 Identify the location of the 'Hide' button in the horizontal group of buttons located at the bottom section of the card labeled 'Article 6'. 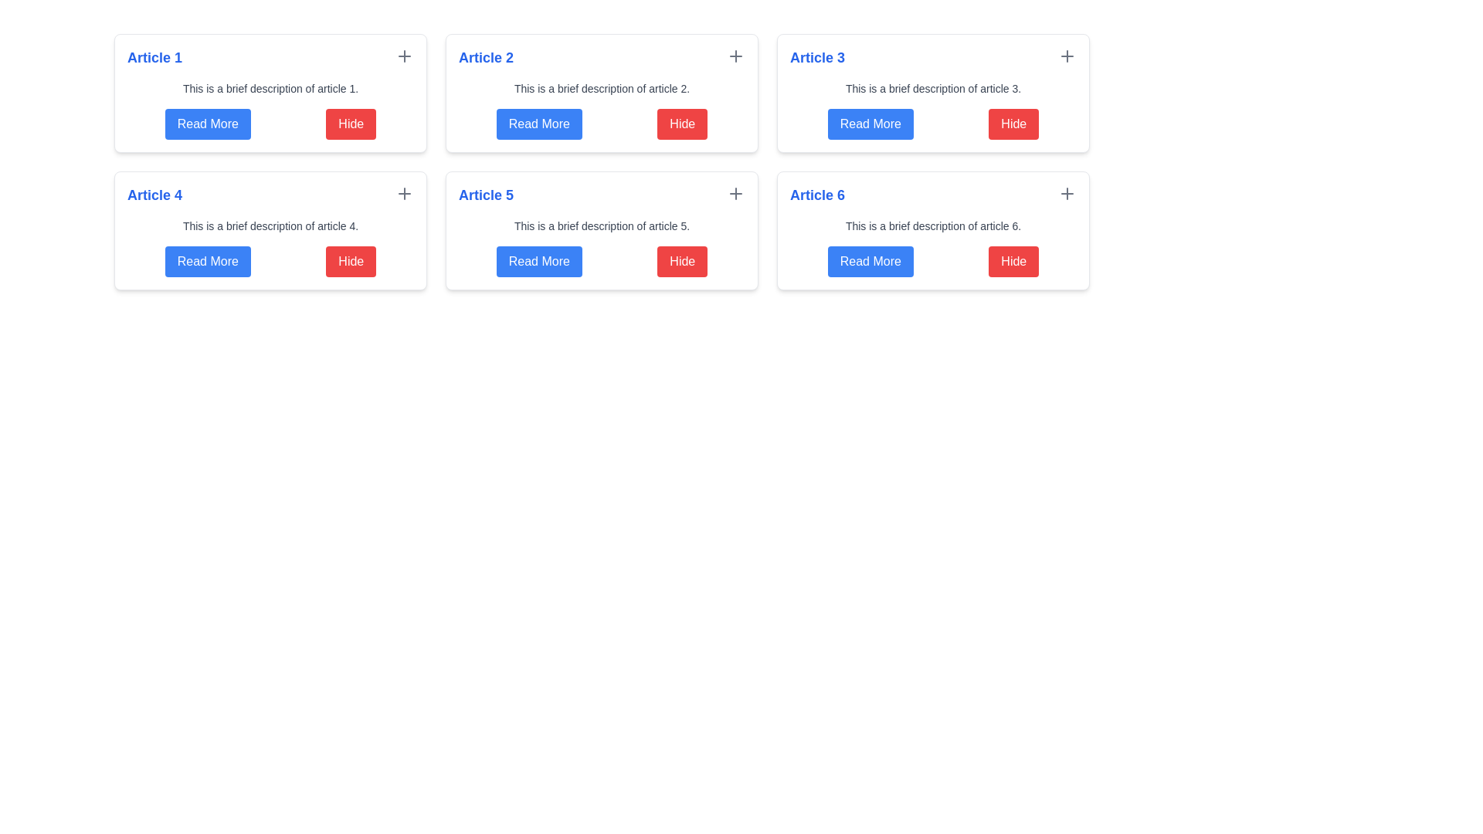
(932, 261).